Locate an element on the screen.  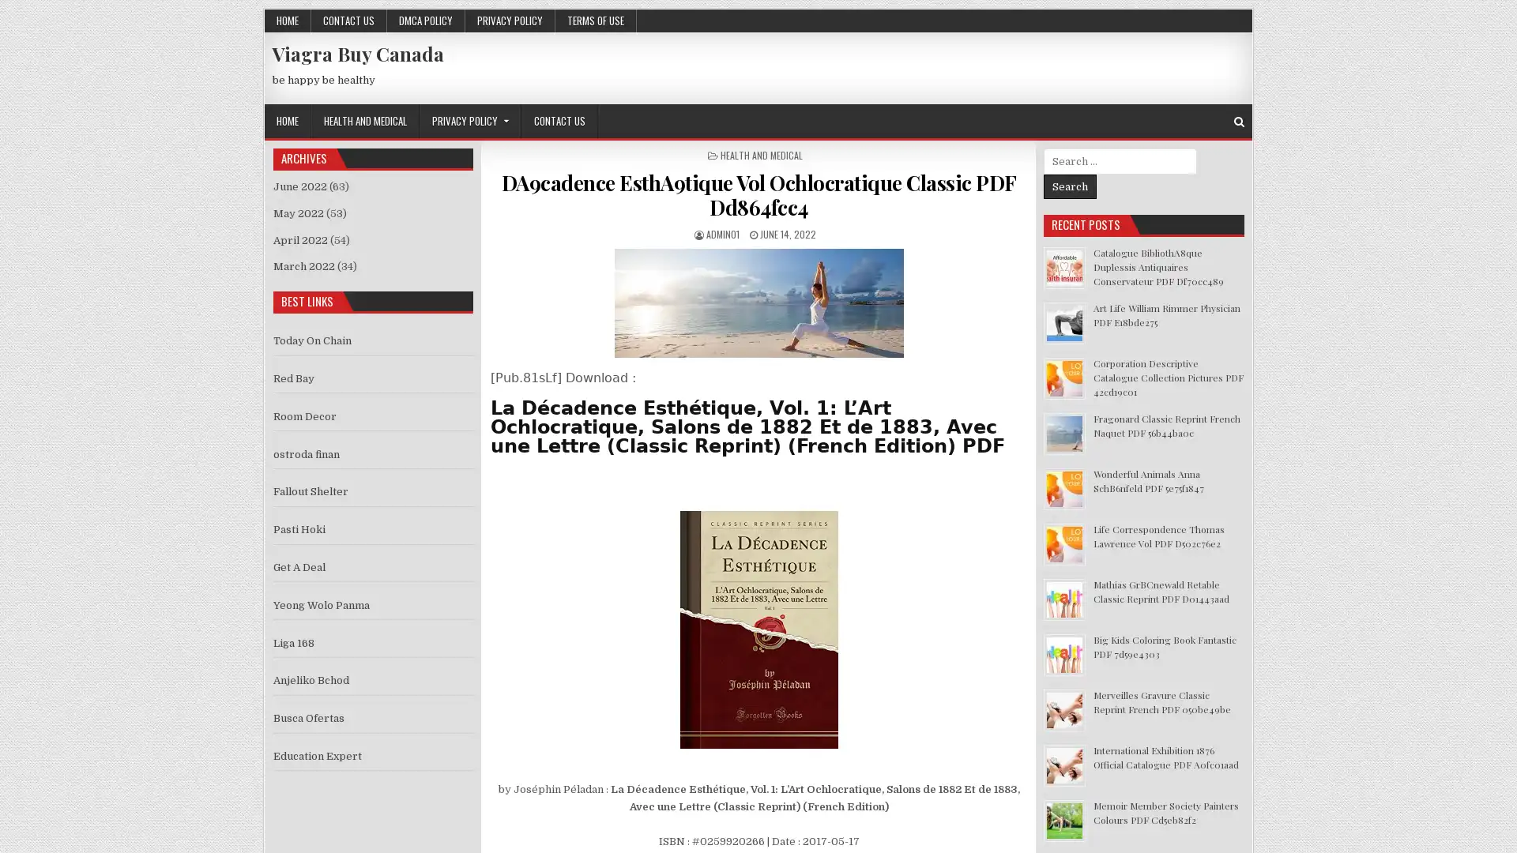
Search is located at coordinates (1070, 186).